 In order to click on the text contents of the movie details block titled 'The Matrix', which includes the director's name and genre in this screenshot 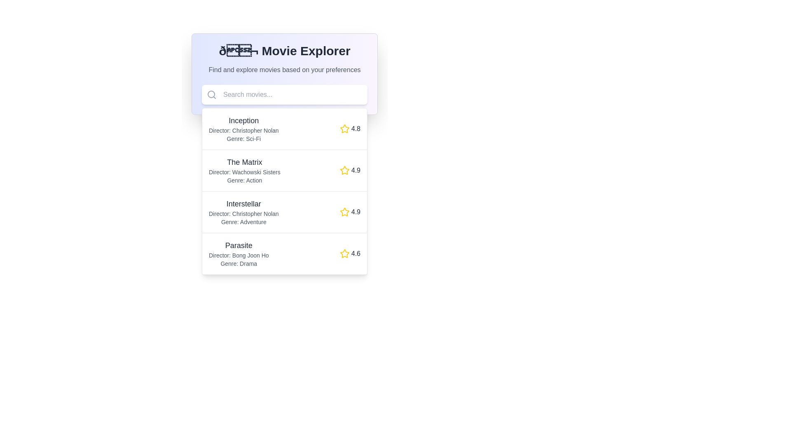, I will do `click(244, 170)`.